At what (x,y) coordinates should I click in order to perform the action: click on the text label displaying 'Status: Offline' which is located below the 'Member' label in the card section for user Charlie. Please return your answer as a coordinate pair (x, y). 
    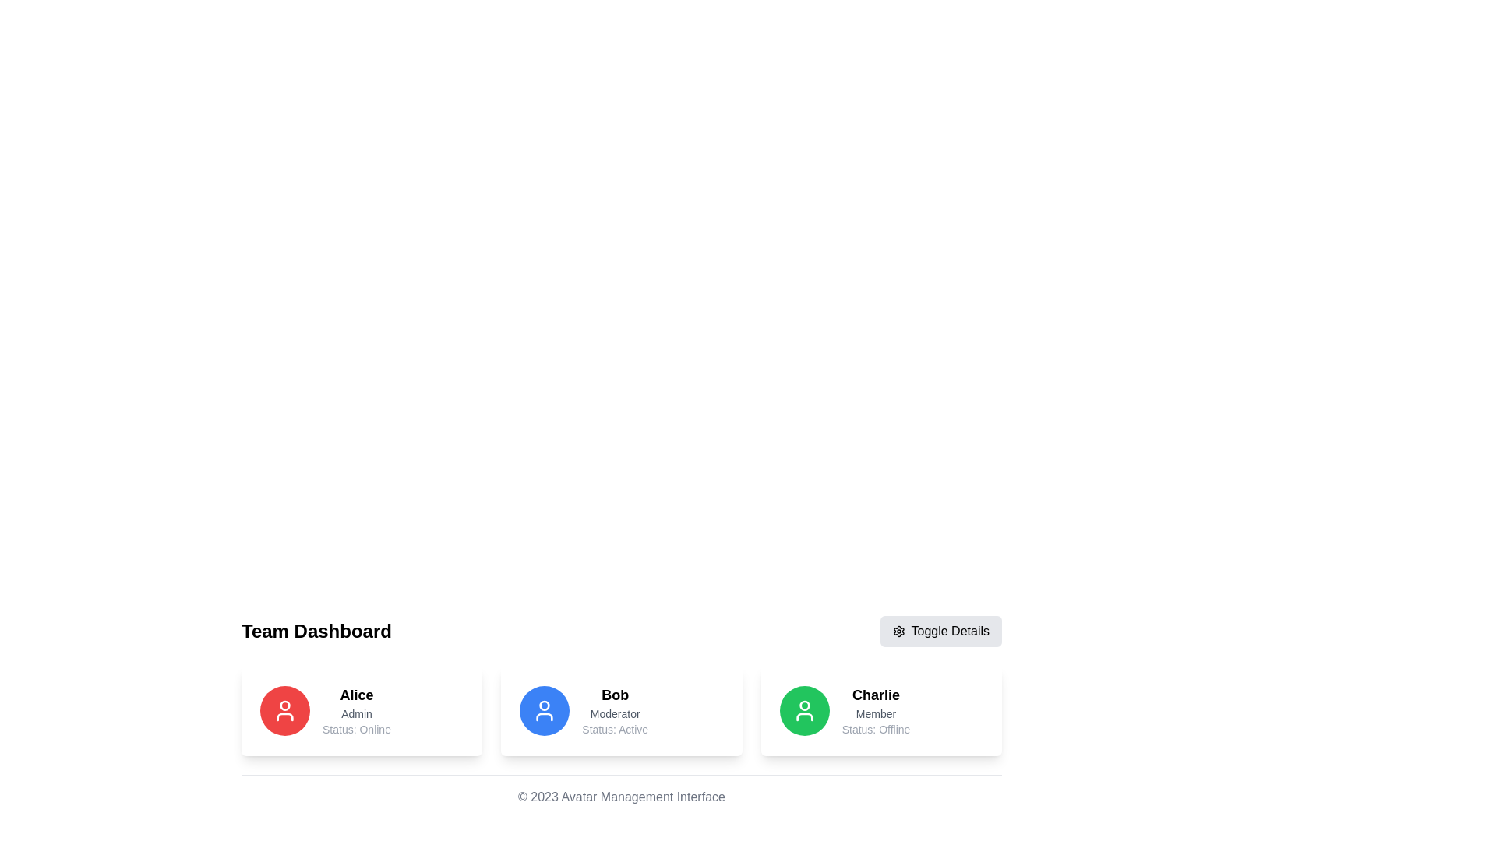
    Looking at the image, I should click on (876, 730).